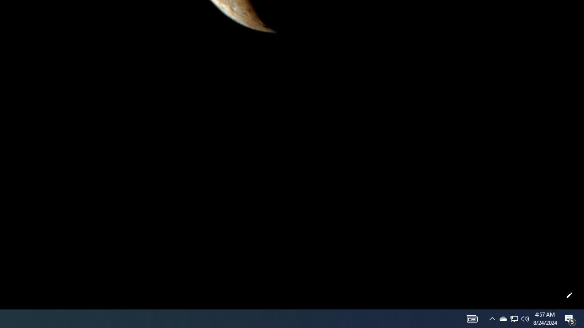 The height and width of the screenshot is (328, 584). I want to click on 'Customize this page', so click(569, 295).